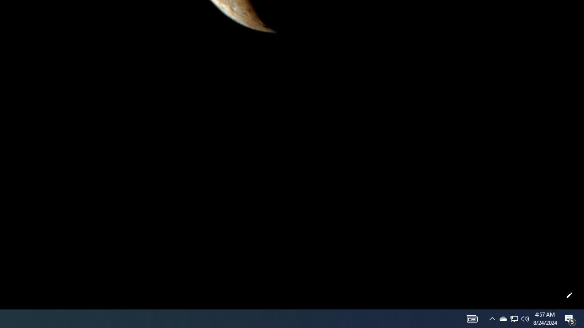 The height and width of the screenshot is (328, 584). I want to click on 'Customize this page', so click(569, 295).